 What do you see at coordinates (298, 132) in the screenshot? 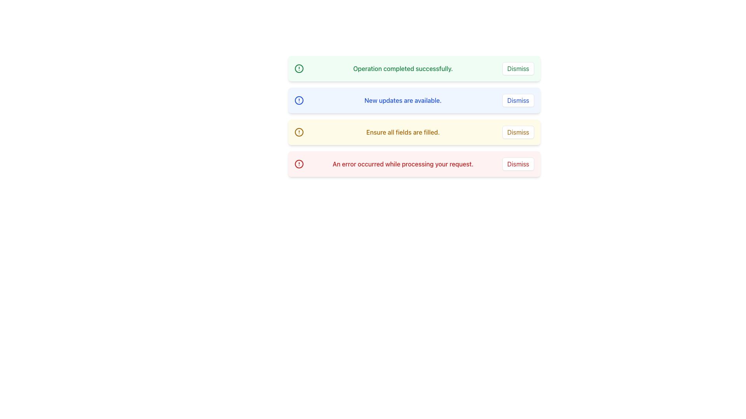
I see `Circular SVG Element that serves as a border for the warning symbol in the yellow notification bar stating 'Ensure all fields are filled.'` at bounding box center [298, 132].